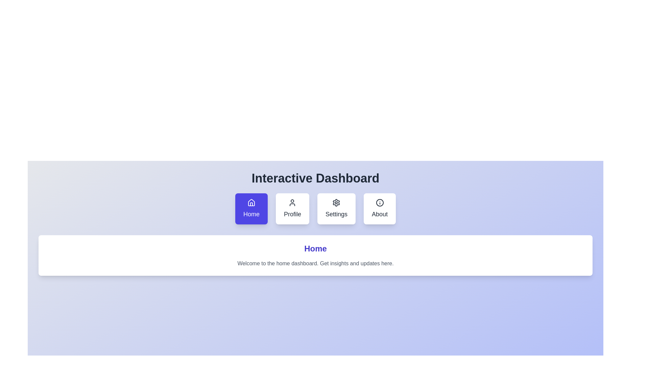  I want to click on the gear icon representing the settings option, which is located as the third button from the left under the 'Interactive Dashboard' header, so click(336, 202).